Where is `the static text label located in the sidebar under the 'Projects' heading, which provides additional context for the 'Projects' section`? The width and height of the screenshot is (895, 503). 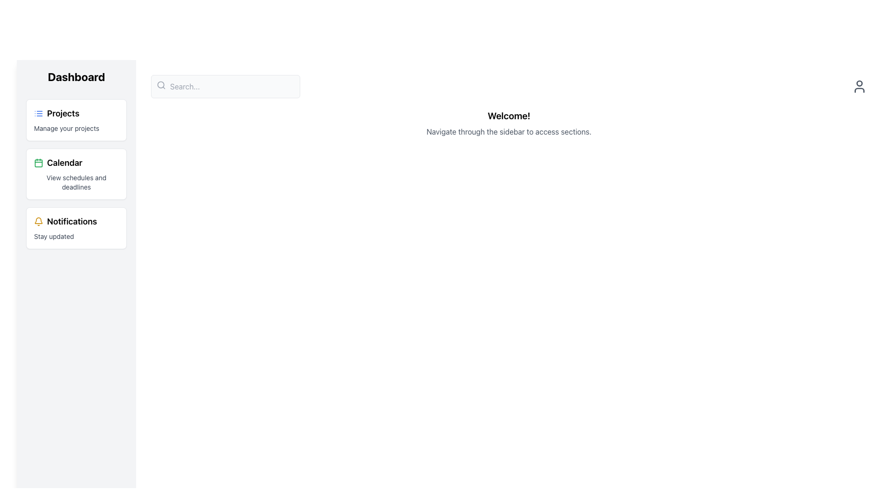
the static text label located in the sidebar under the 'Projects' heading, which provides additional context for the 'Projects' section is located at coordinates (66, 129).